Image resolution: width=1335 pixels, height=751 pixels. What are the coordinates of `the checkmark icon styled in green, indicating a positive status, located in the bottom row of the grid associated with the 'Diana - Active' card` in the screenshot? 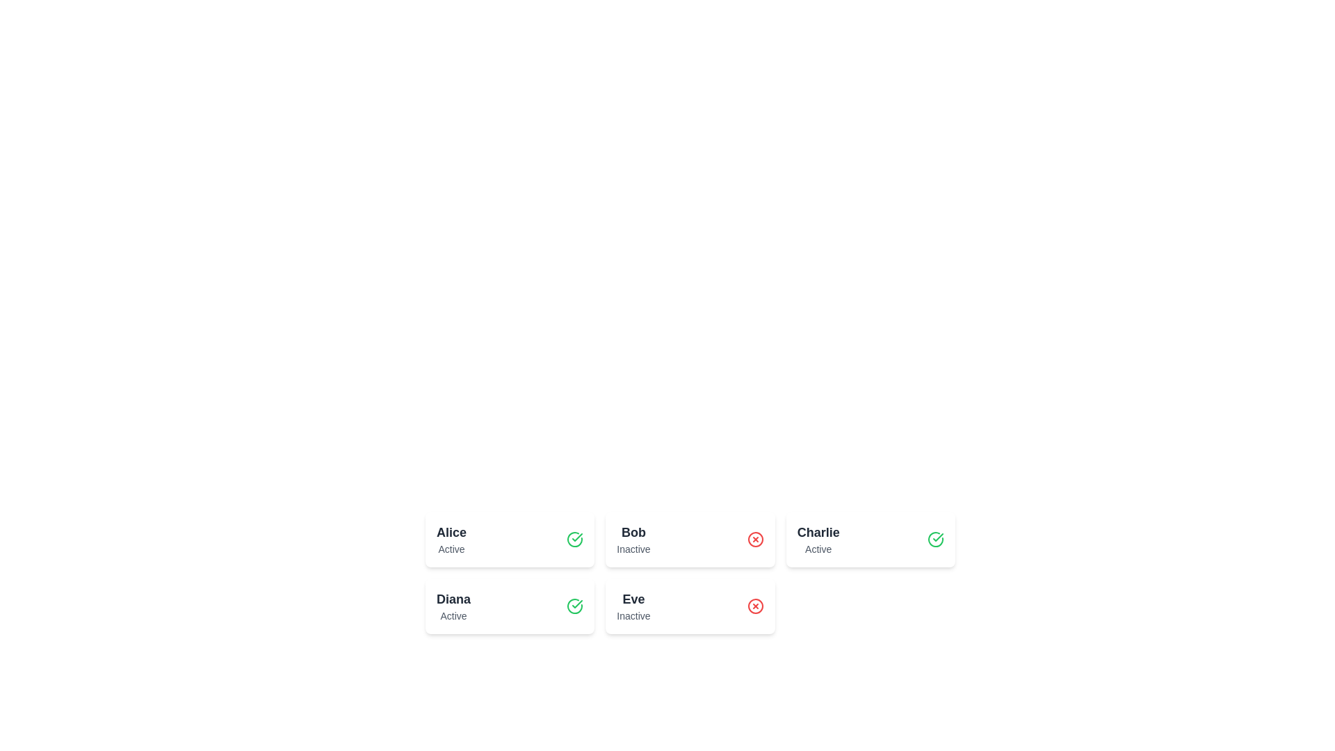 It's located at (577, 603).